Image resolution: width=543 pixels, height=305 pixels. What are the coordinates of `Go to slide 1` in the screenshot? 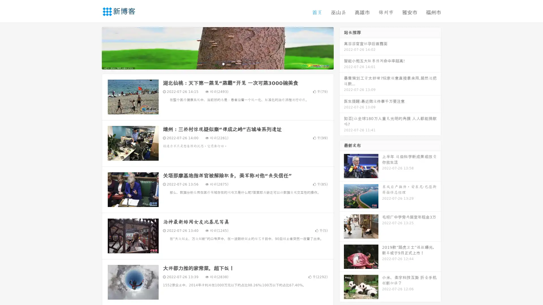 It's located at (212, 64).